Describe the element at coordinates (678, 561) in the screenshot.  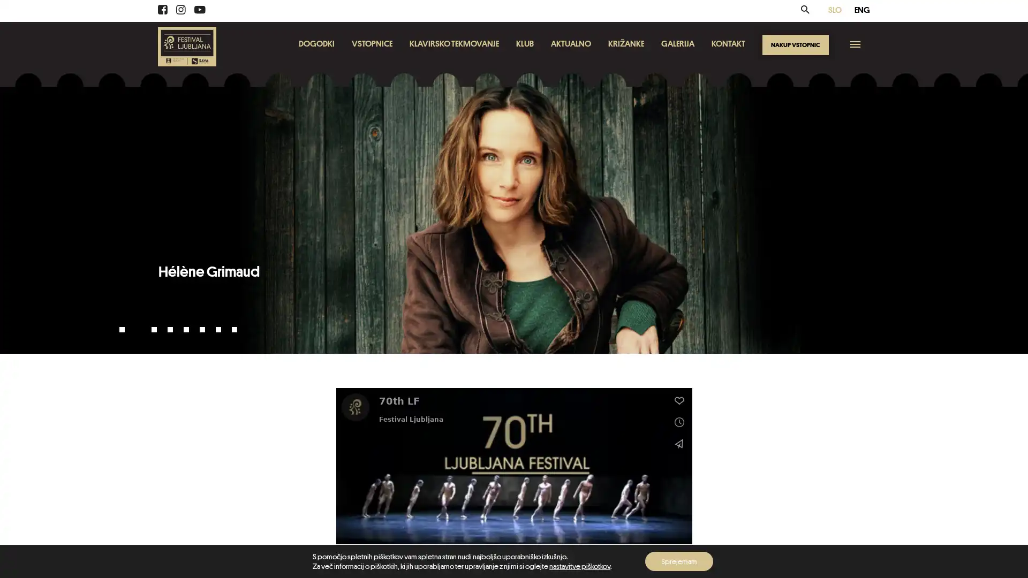
I see `Sprejemam` at that location.